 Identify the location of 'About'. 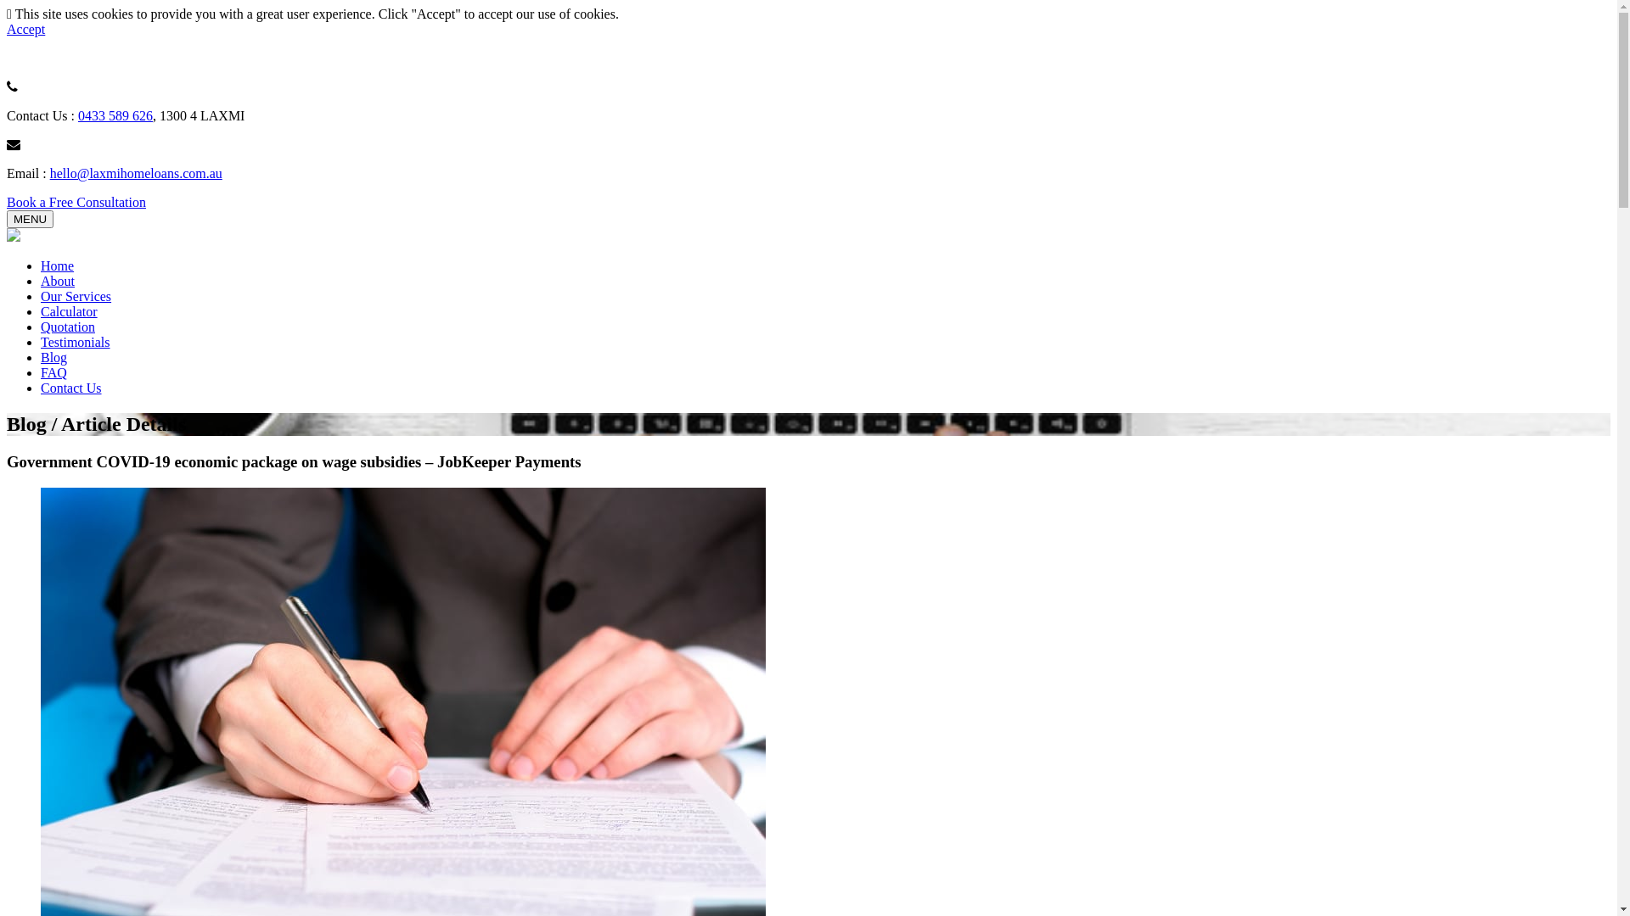
(57, 280).